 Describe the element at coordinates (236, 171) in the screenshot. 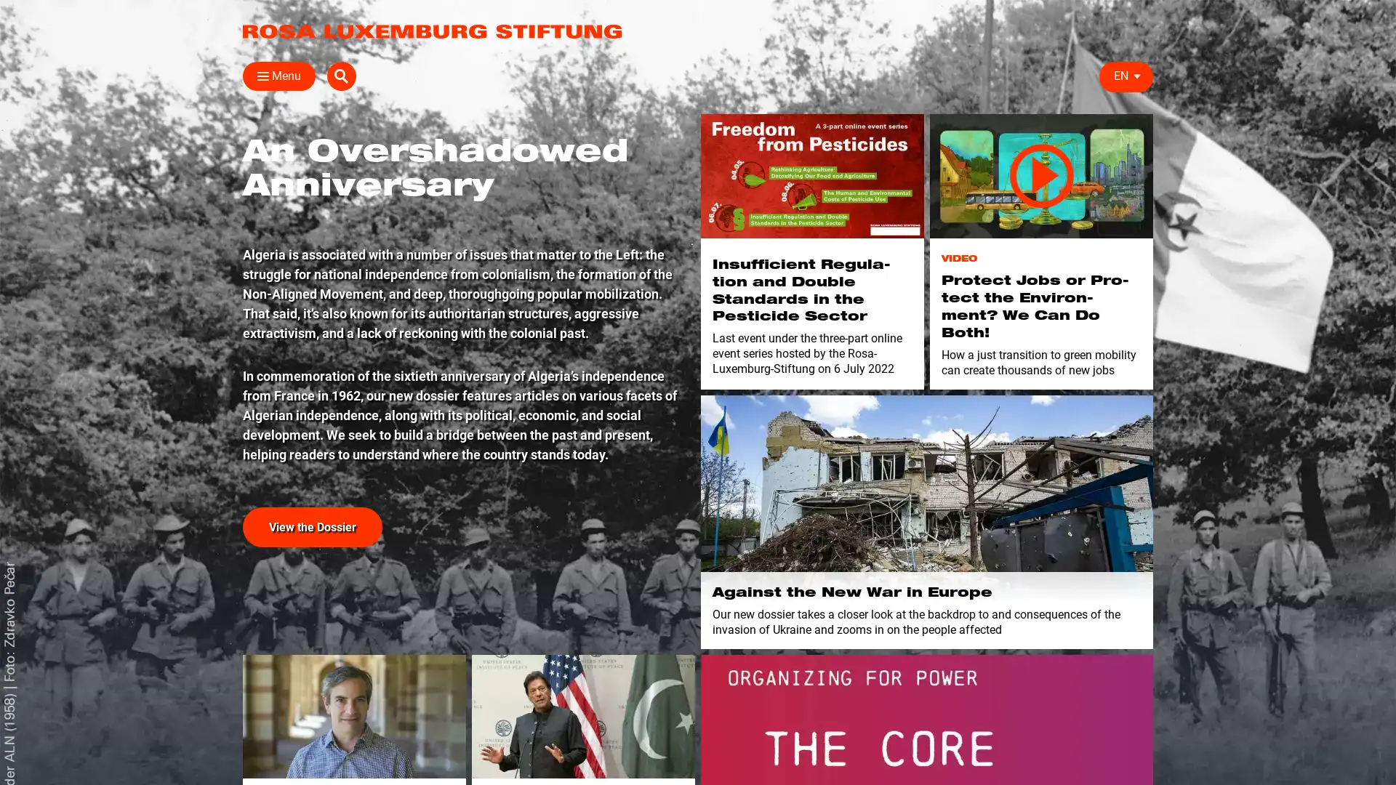

I see `Show more / less` at that location.